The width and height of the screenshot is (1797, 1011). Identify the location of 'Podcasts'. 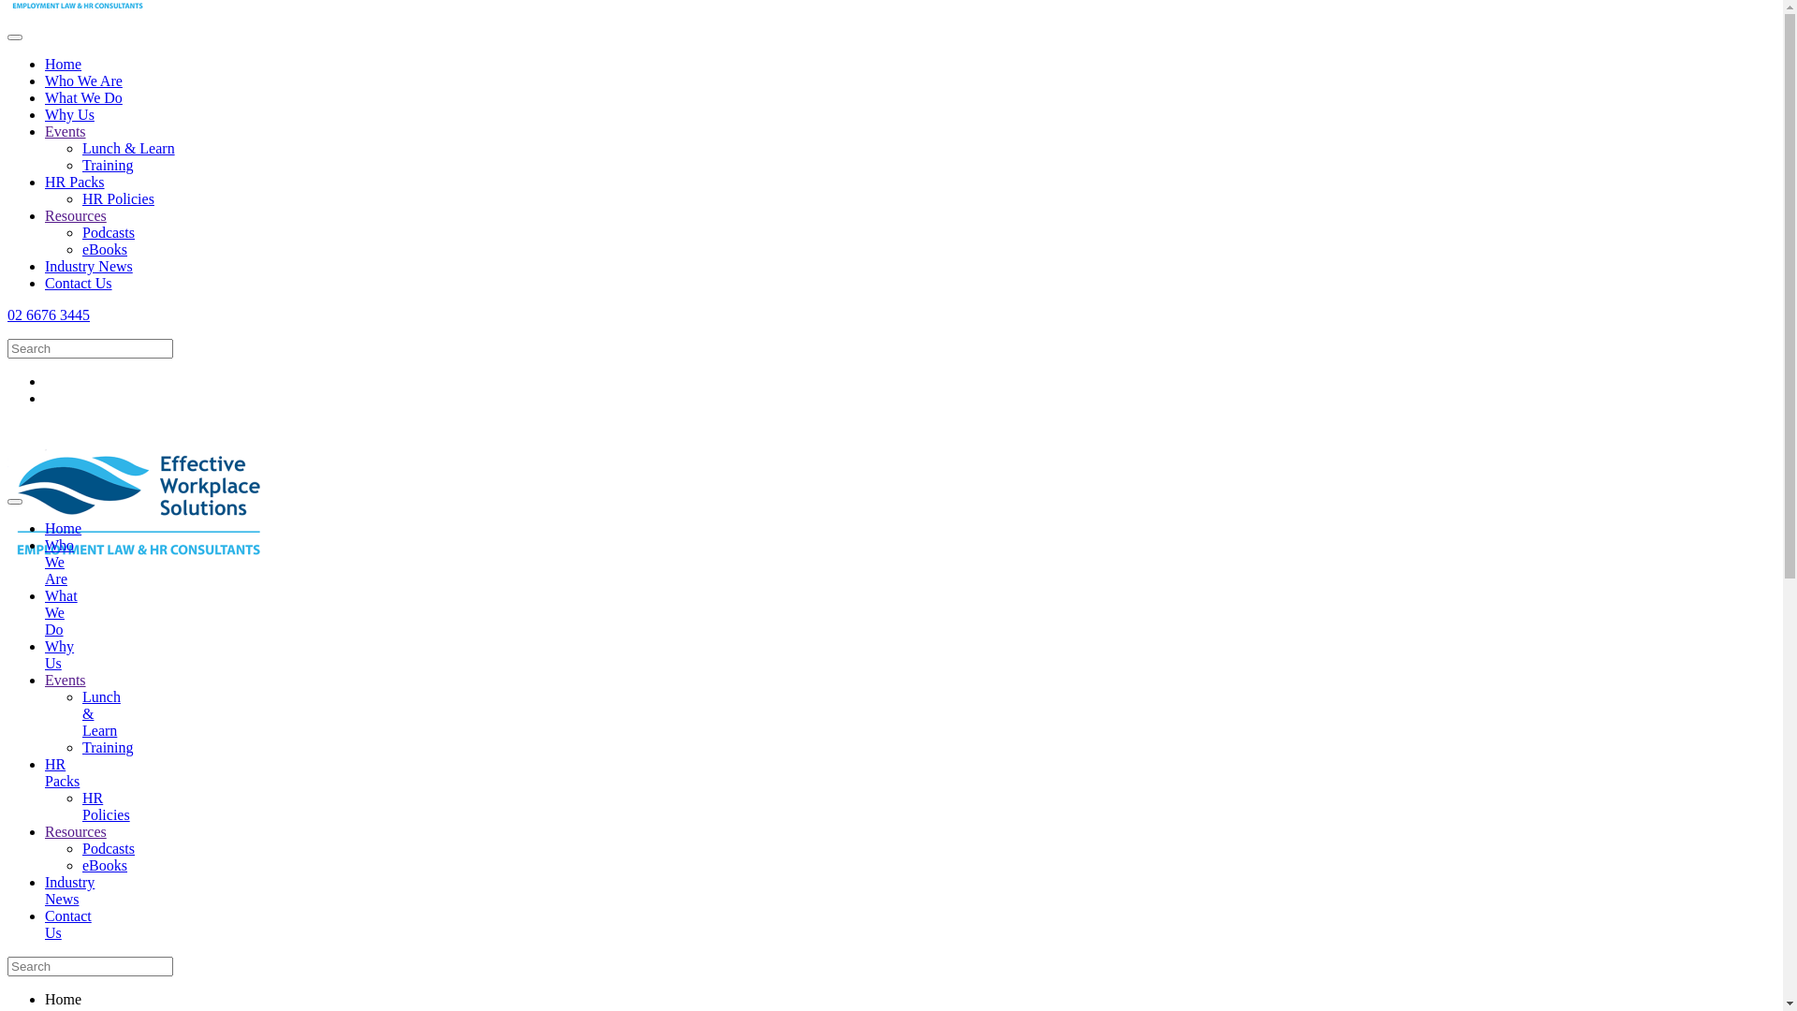
(107, 848).